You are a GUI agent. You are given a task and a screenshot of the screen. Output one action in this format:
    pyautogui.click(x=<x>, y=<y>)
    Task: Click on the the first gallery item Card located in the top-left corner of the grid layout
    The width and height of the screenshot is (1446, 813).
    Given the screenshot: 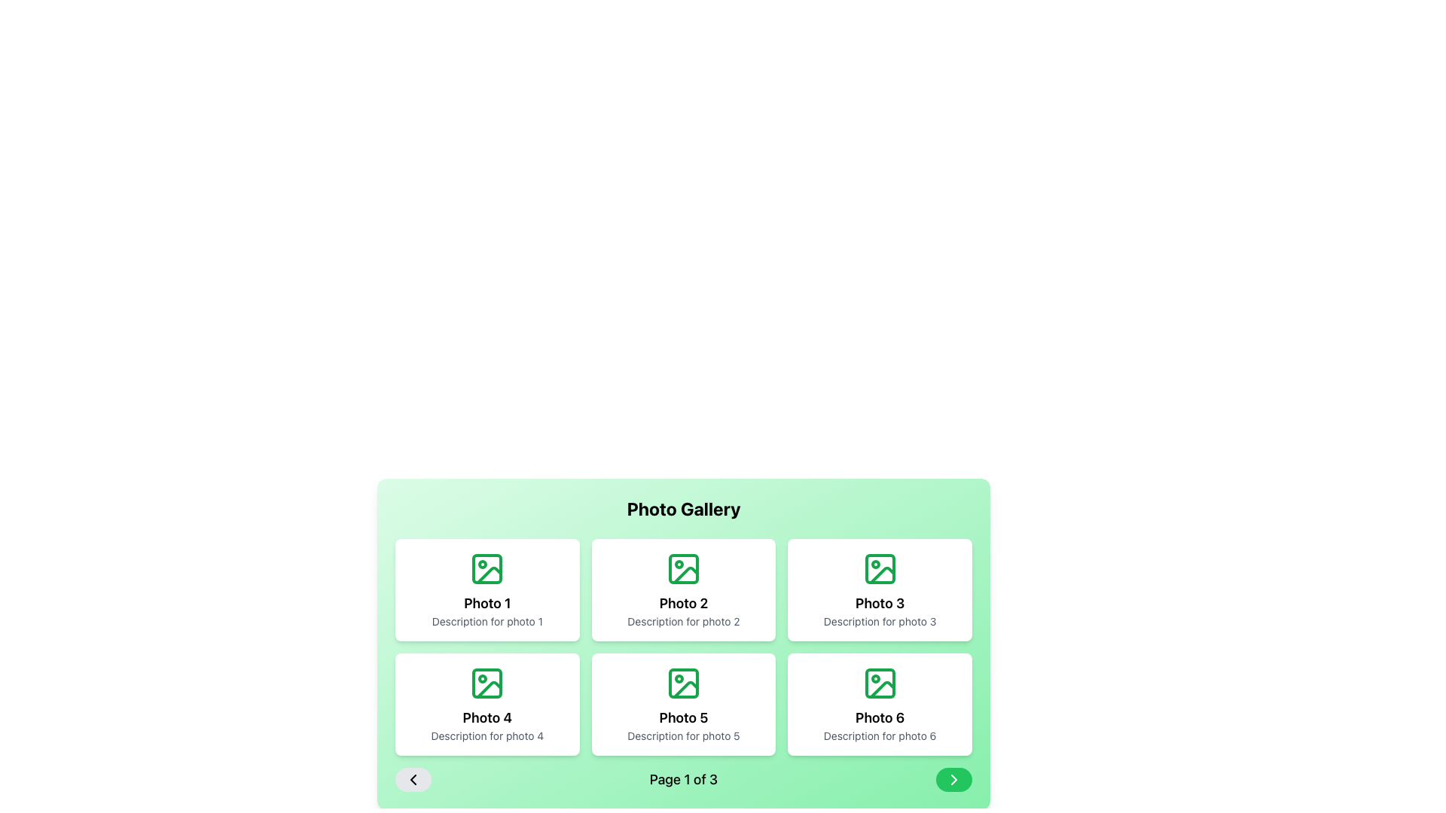 What is the action you would take?
    pyautogui.click(x=487, y=589)
    